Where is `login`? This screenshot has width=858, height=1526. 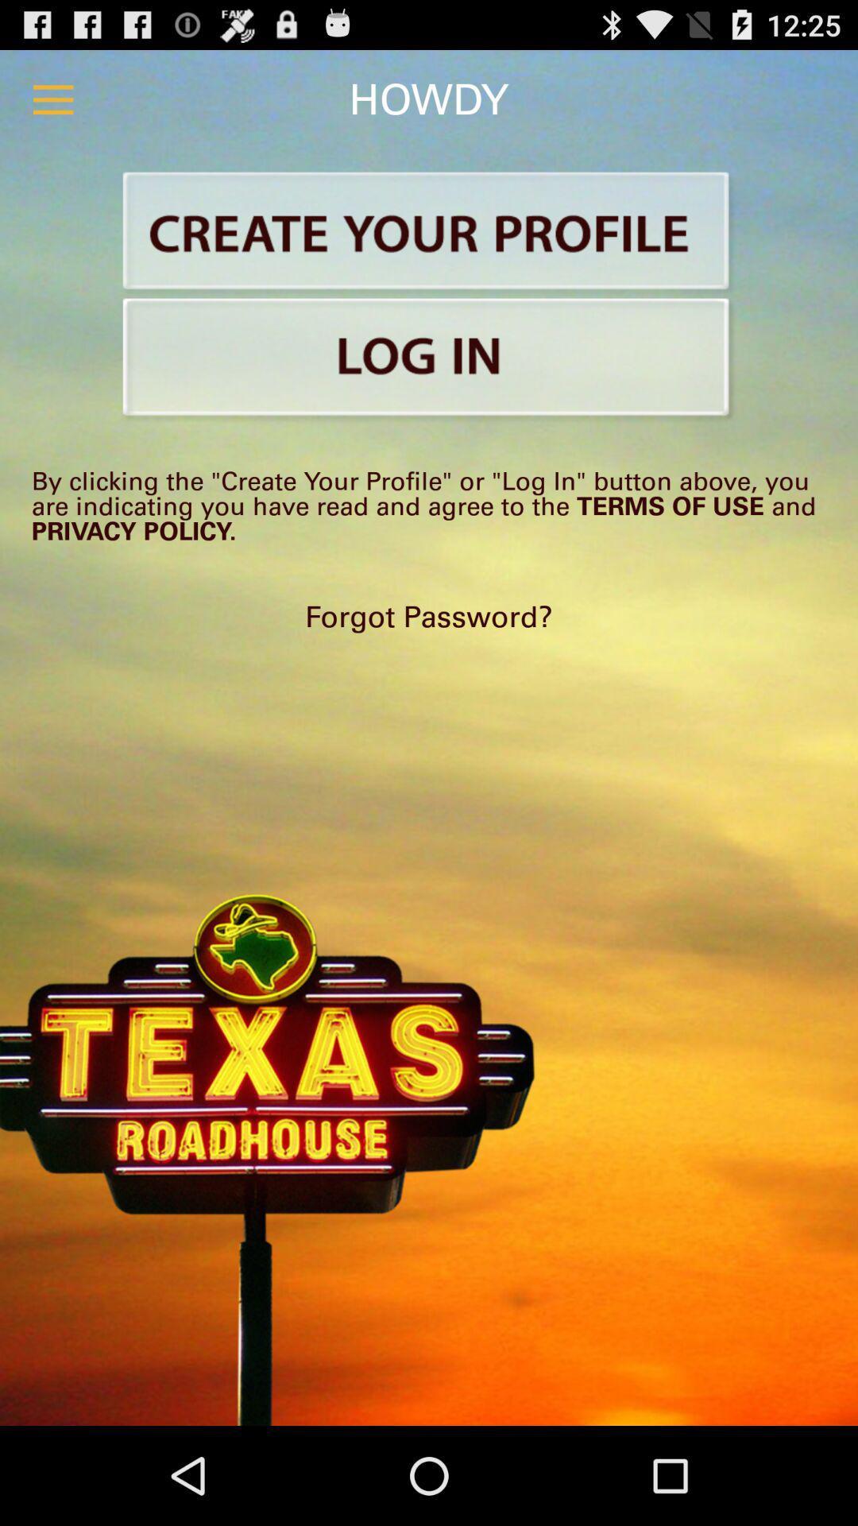 login is located at coordinates (429, 359).